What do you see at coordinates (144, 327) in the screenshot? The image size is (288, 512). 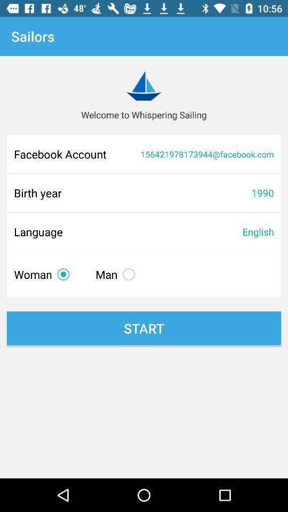 I see `the icon below woman item` at bounding box center [144, 327].